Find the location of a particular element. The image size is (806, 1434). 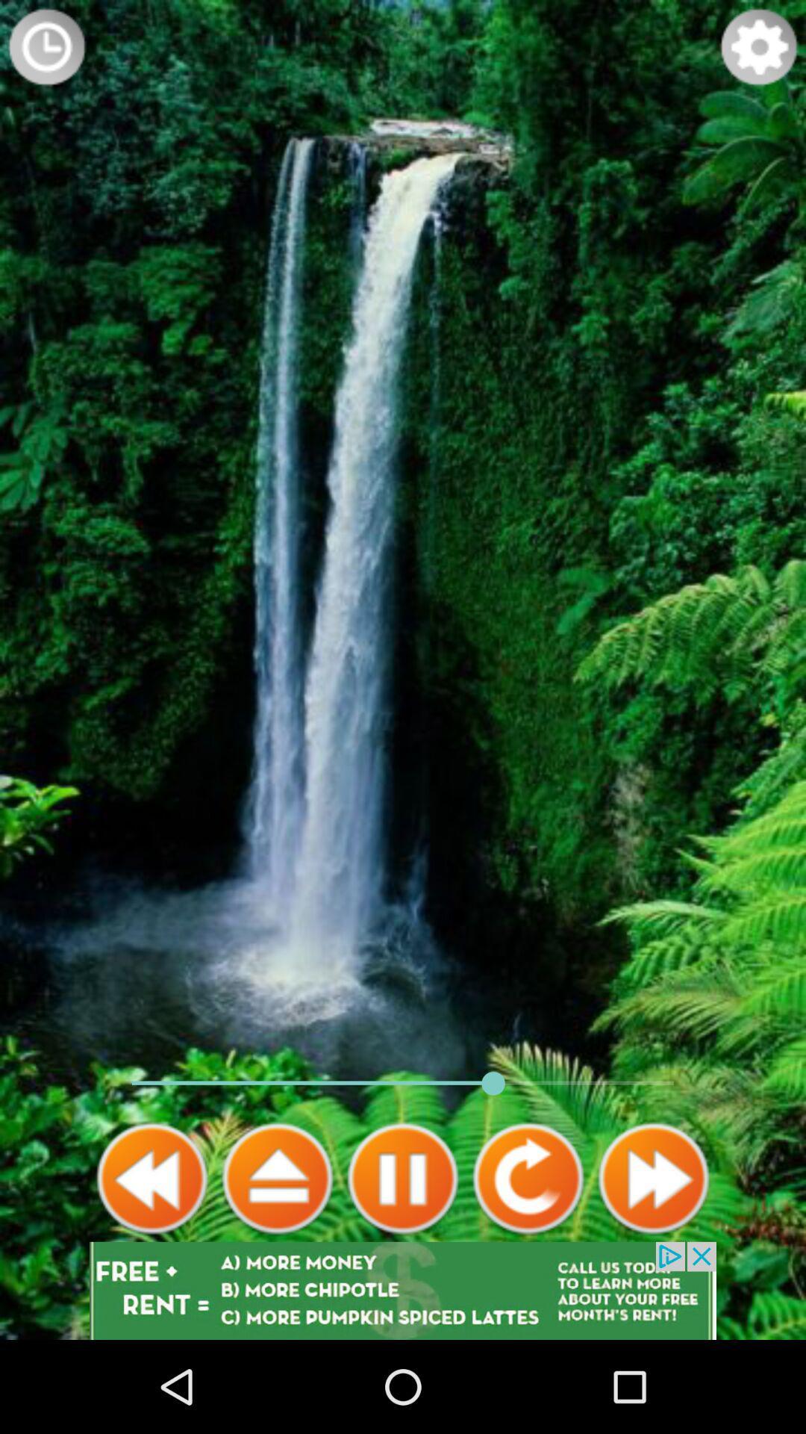

go back is located at coordinates (528, 1178).